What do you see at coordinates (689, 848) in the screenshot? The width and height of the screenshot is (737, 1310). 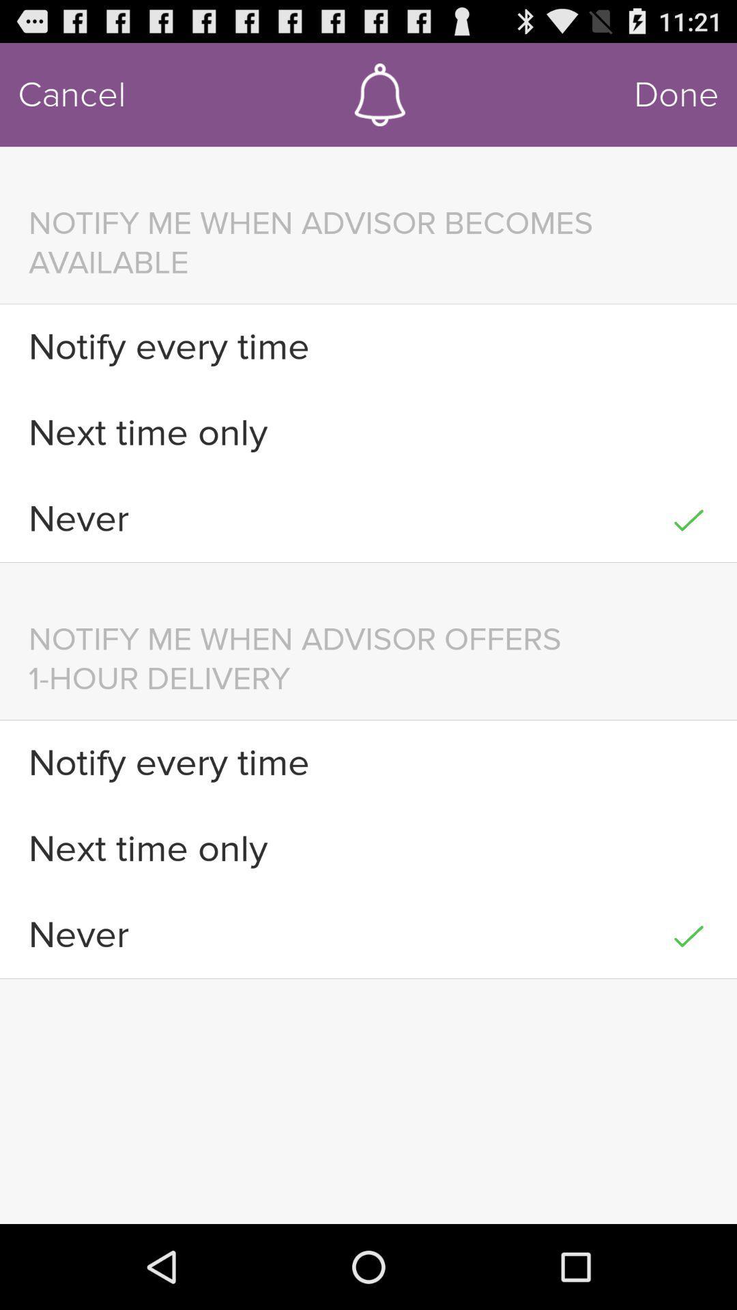 I see `the item next to next time only item` at bounding box center [689, 848].